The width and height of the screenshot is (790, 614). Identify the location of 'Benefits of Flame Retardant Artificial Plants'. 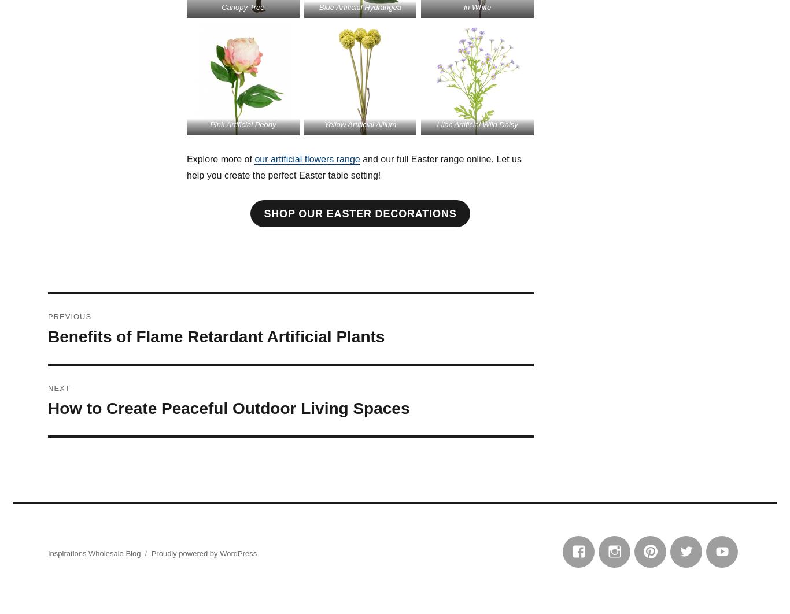
(216, 336).